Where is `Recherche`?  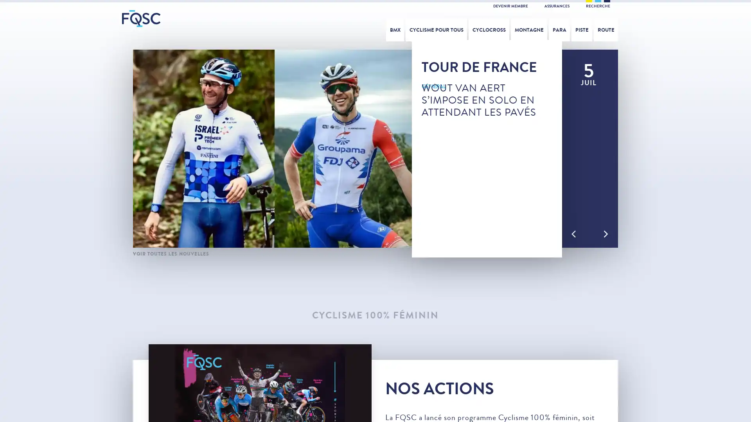
Recherche is located at coordinates (658, 27).